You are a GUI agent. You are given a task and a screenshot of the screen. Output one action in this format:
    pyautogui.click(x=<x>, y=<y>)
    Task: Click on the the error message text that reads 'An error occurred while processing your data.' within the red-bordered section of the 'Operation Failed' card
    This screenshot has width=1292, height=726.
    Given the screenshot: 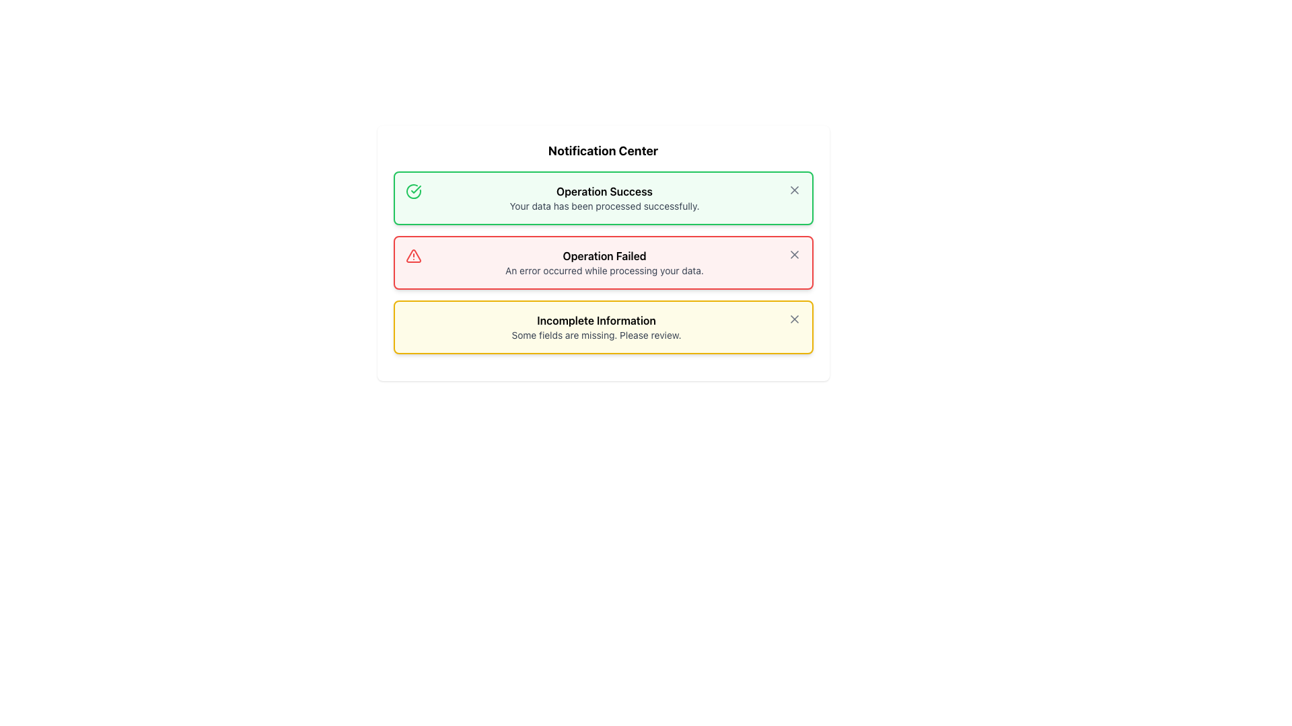 What is the action you would take?
    pyautogui.click(x=604, y=270)
    